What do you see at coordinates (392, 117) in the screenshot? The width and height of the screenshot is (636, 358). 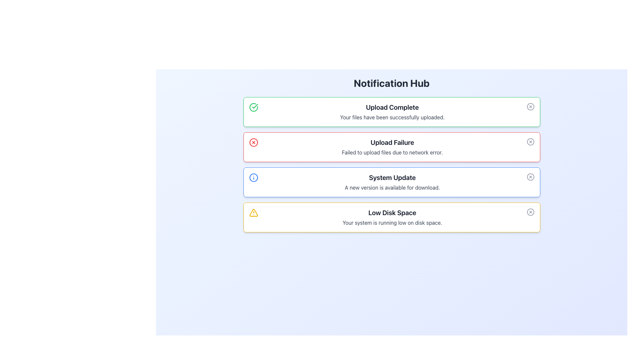 I see `the text element that informs the user about the successful completion of a file upload operation, located directly beneath the 'Upload Complete' bold text in the notification area` at bounding box center [392, 117].